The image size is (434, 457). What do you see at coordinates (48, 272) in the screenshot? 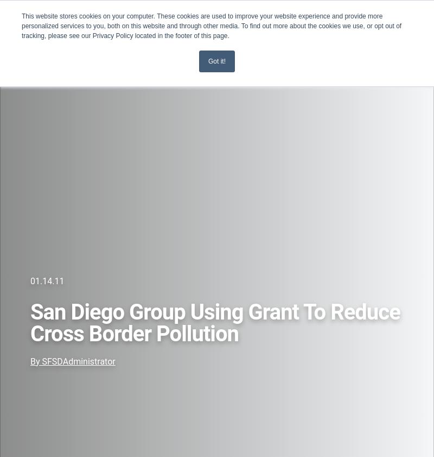
I see `'Rise Above Plastics'` at bounding box center [48, 272].